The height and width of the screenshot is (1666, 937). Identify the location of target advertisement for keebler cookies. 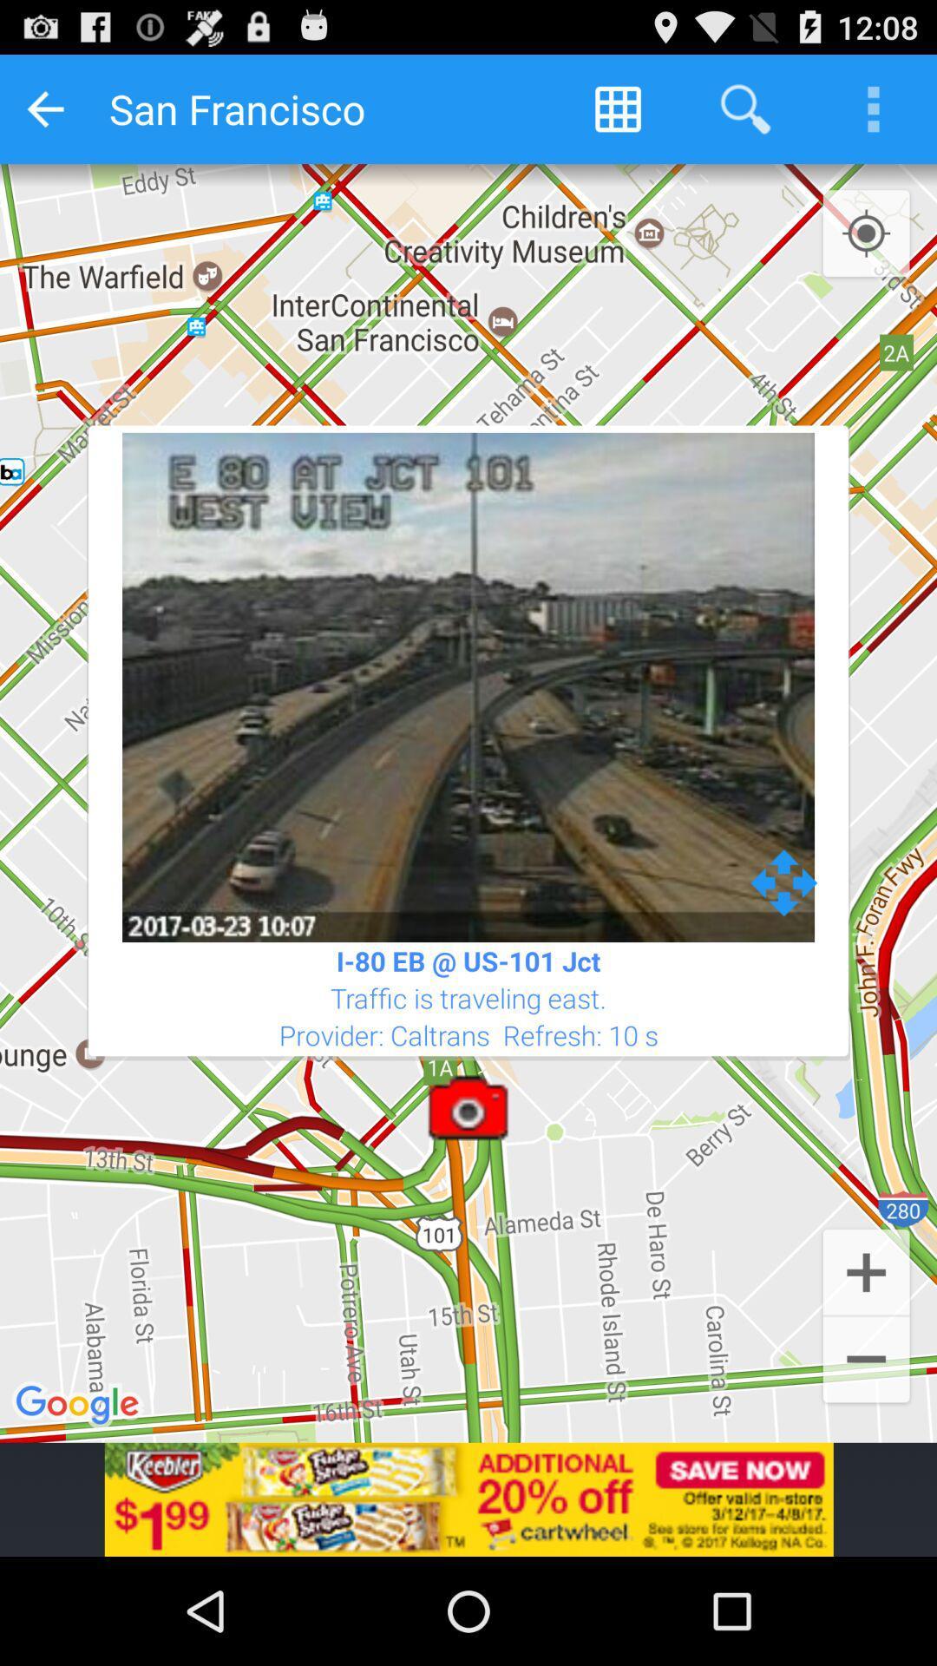
(468, 1499).